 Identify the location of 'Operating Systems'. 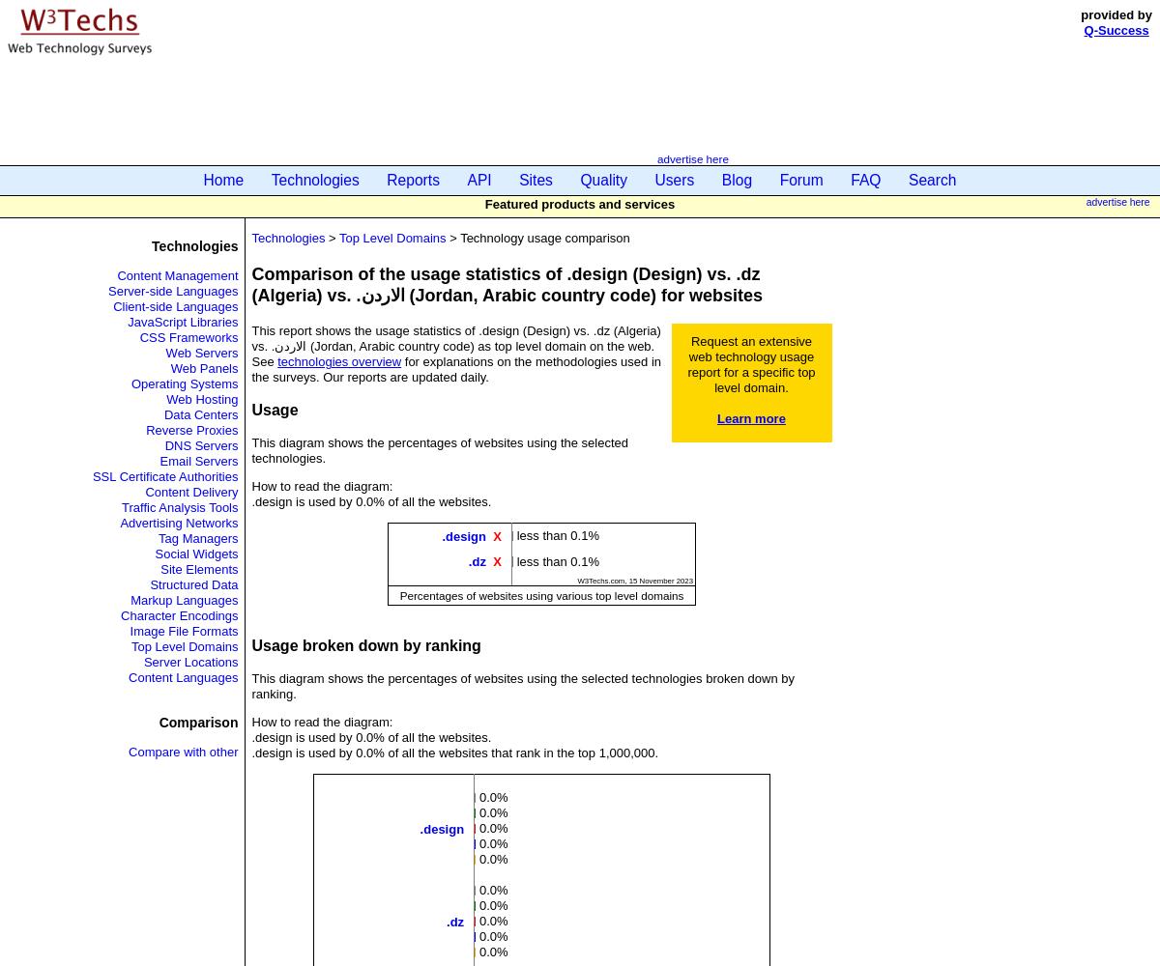
(183, 383).